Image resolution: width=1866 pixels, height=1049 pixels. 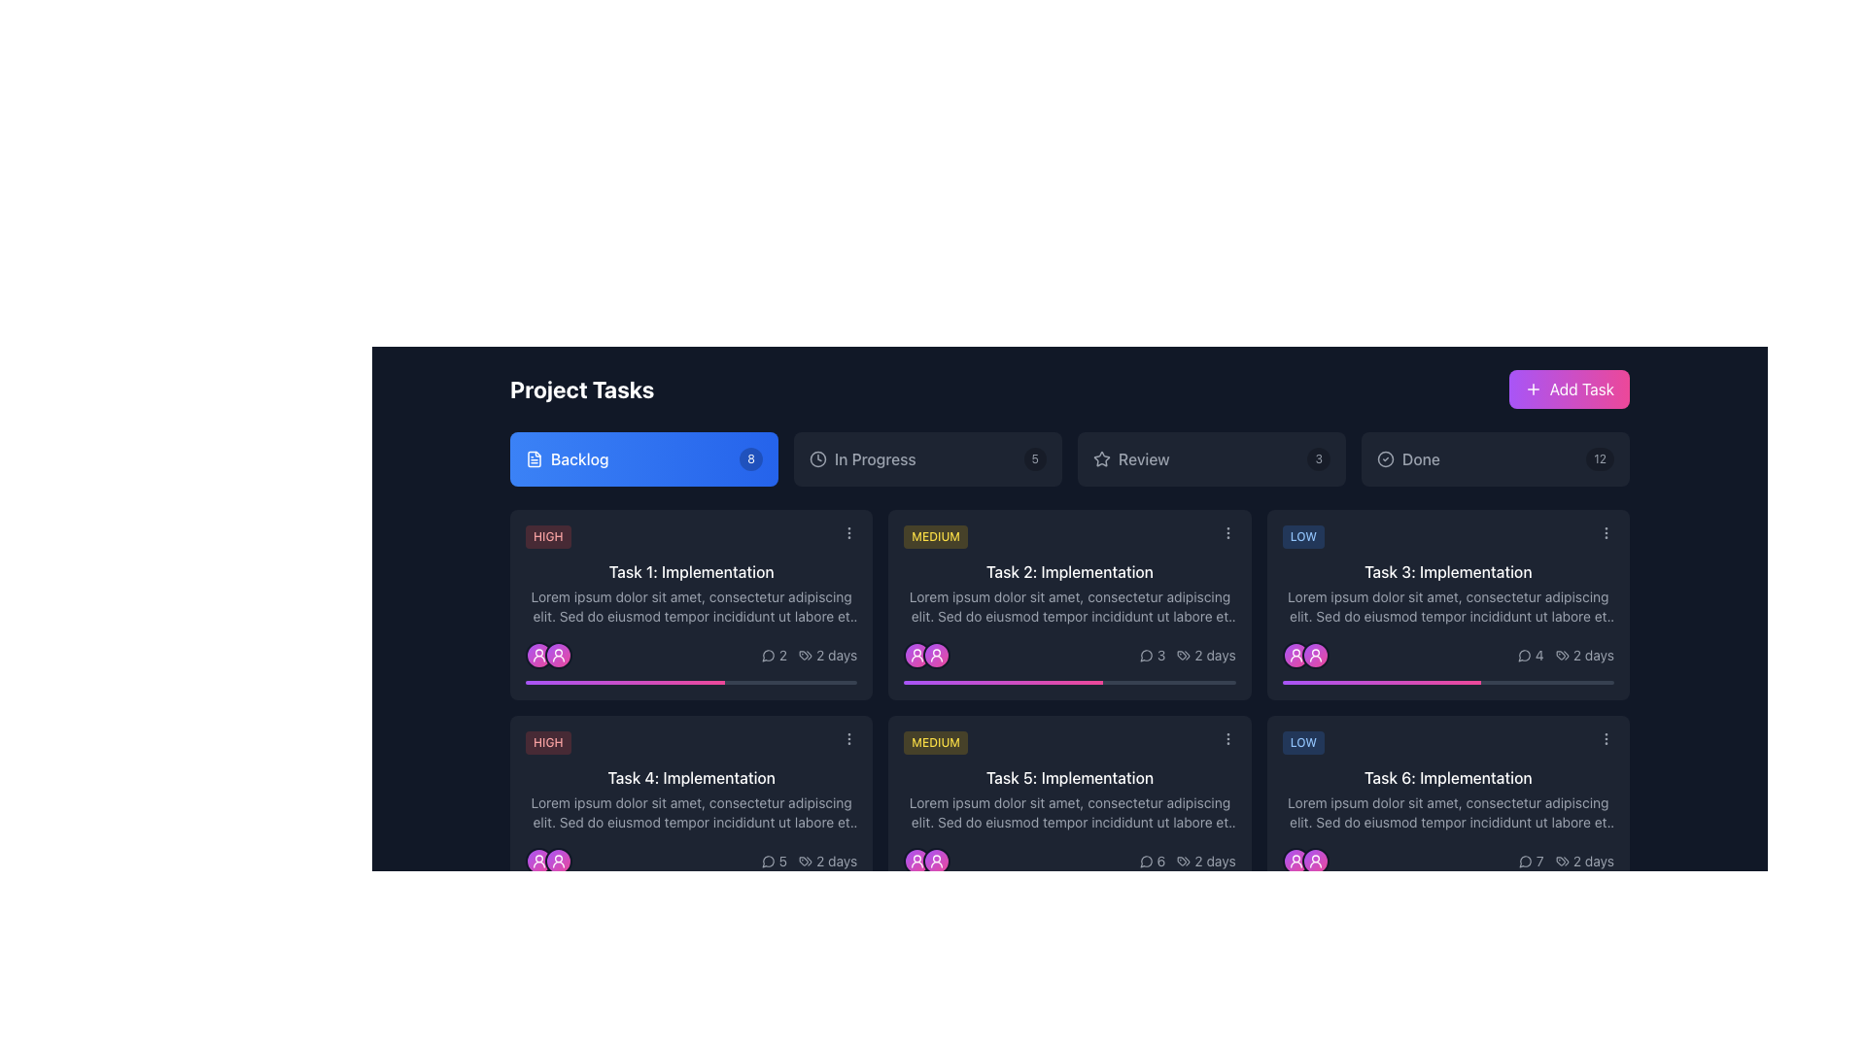 What do you see at coordinates (810, 656) in the screenshot?
I see `the text label '2 days' with a tag icon located at the bottom-right corner of the card titled 'Task 2: Implementation'` at bounding box center [810, 656].